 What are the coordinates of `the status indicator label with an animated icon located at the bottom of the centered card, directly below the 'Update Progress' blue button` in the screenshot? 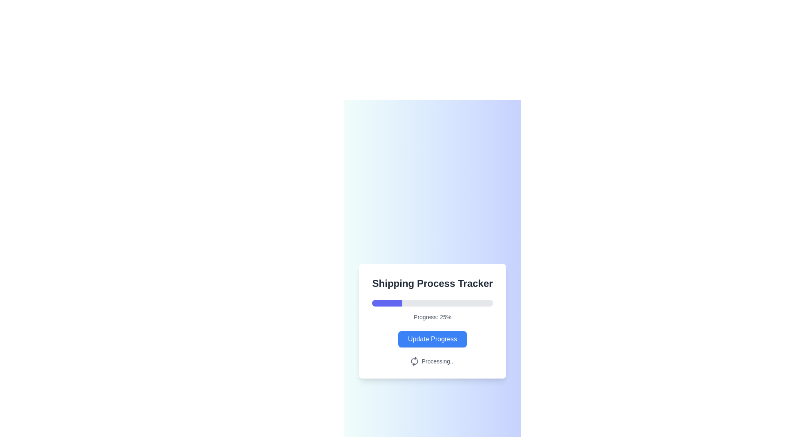 It's located at (432, 361).